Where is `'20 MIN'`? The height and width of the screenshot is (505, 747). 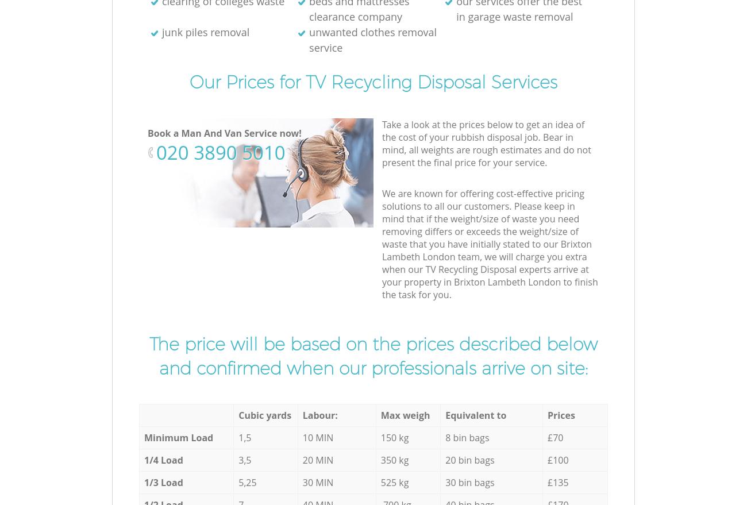 '20 MIN' is located at coordinates (317, 460).